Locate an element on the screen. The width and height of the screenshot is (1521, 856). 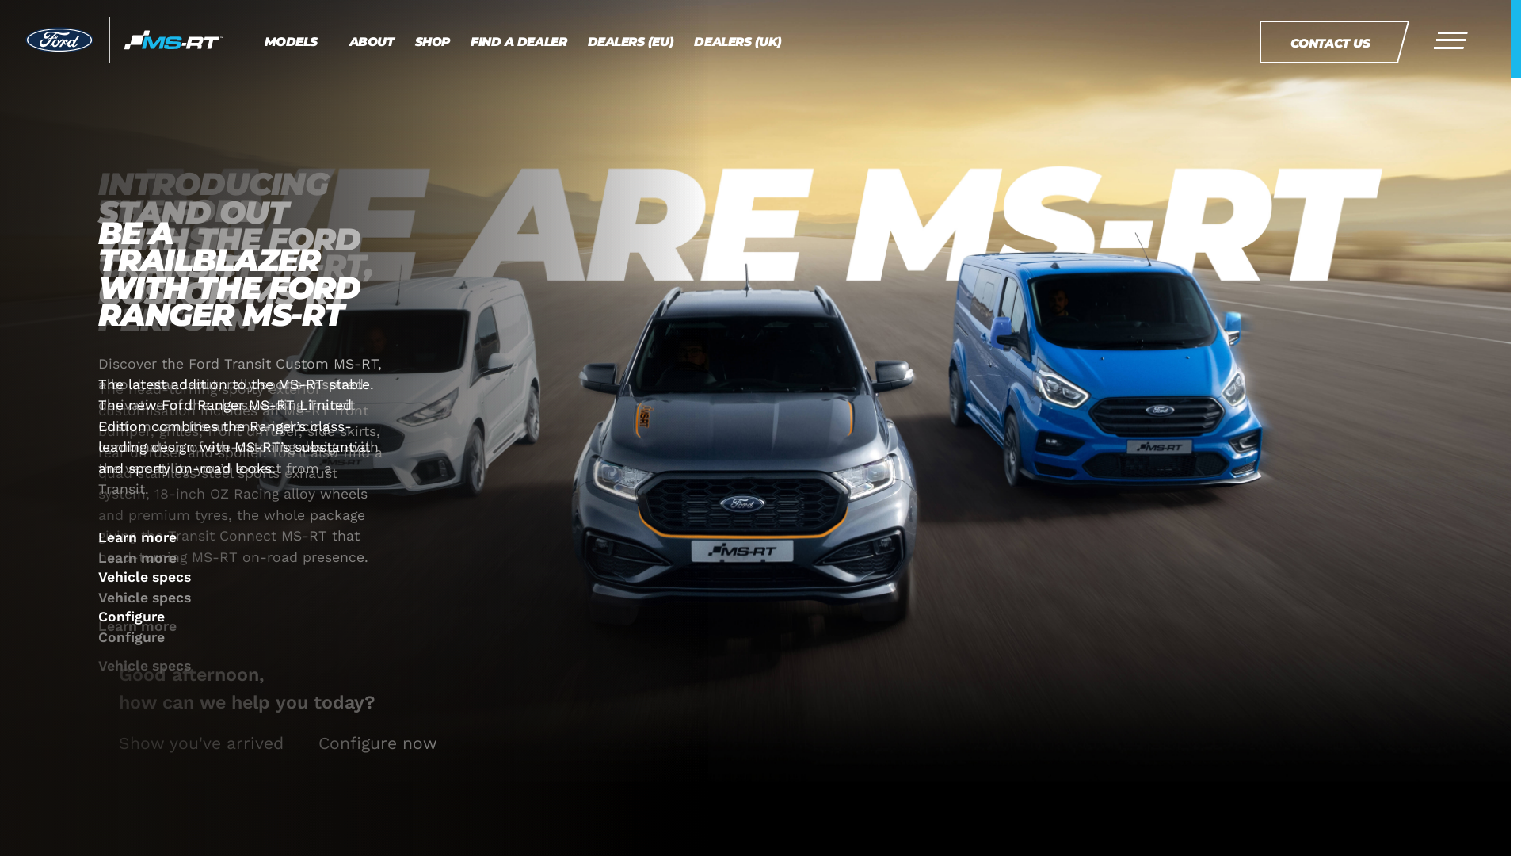
'ABOUT' is located at coordinates (367, 41).